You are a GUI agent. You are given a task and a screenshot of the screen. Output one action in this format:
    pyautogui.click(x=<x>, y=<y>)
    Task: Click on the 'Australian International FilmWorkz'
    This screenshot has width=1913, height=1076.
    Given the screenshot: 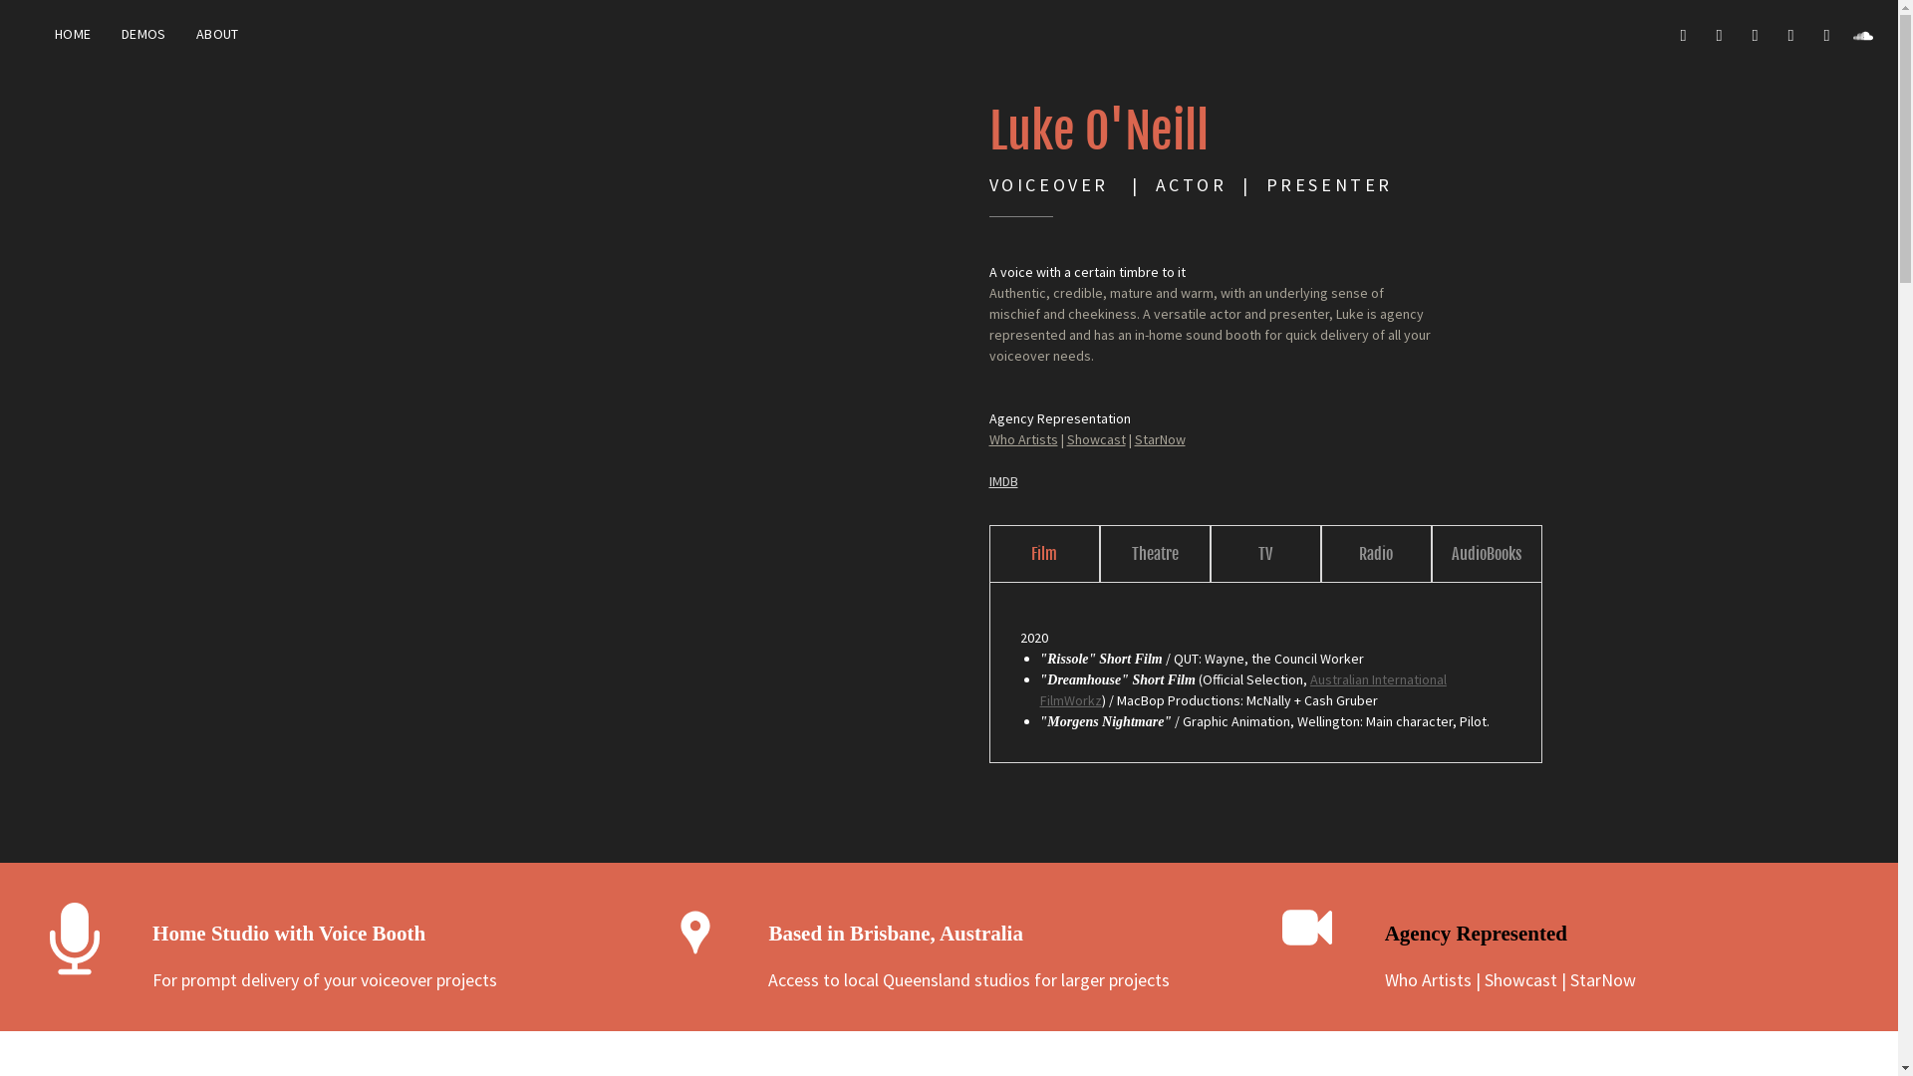 What is the action you would take?
    pyautogui.click(x=1242, y=688)
    